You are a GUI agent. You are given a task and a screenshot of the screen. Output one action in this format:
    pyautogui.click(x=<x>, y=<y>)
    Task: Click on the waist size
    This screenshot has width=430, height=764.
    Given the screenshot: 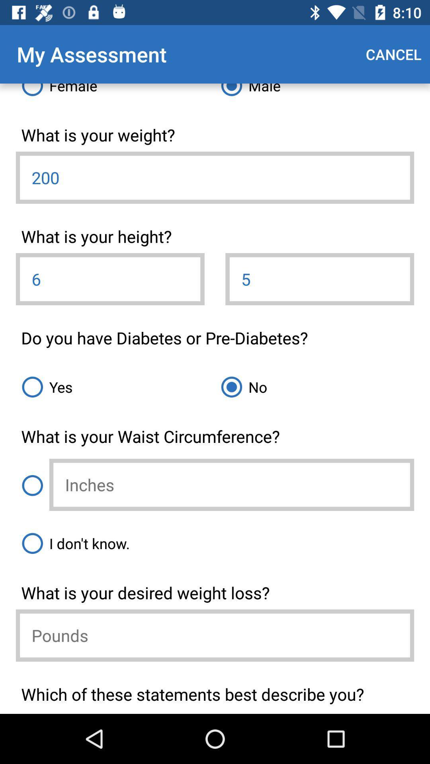 What is the action you would take?
    pyautogui.click(x=32, y=485)
    